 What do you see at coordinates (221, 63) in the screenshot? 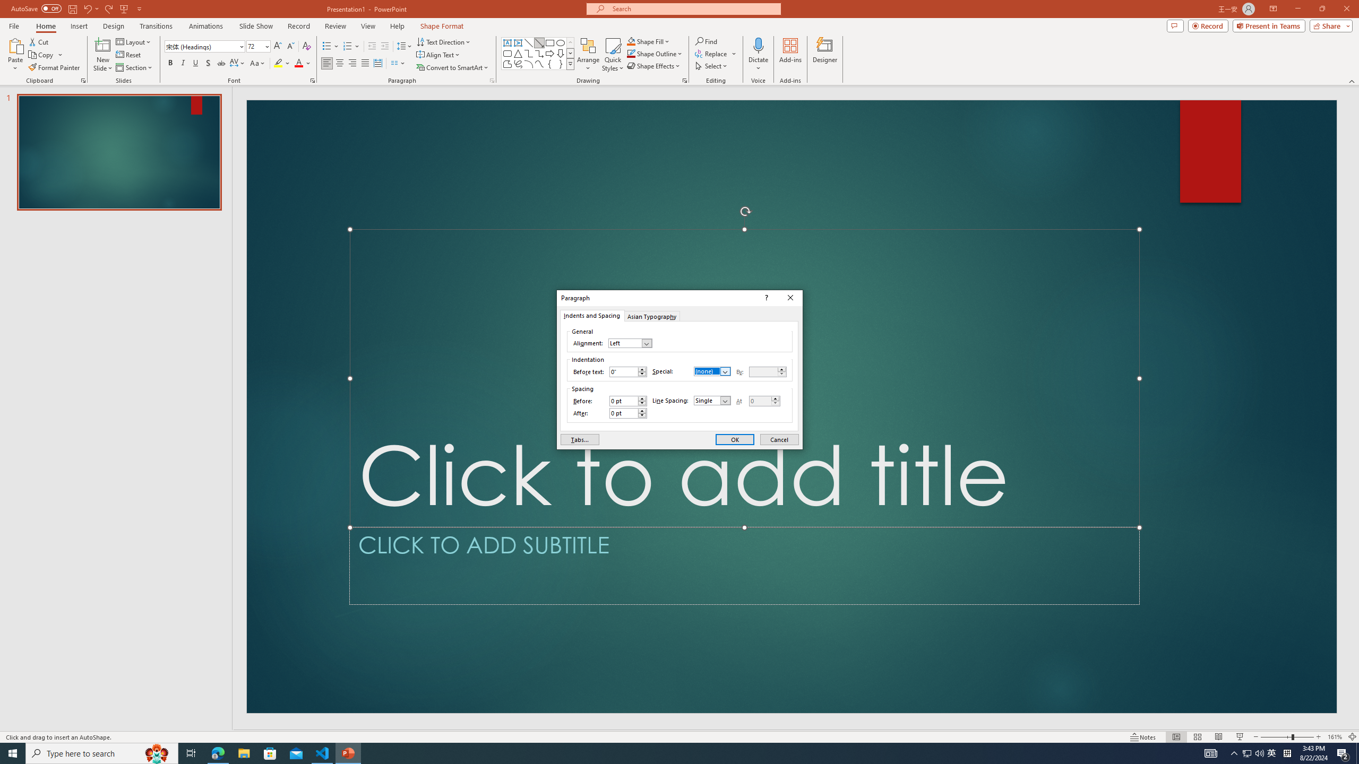
I see `'Strikethrough'` at bounding box center [221, 63].